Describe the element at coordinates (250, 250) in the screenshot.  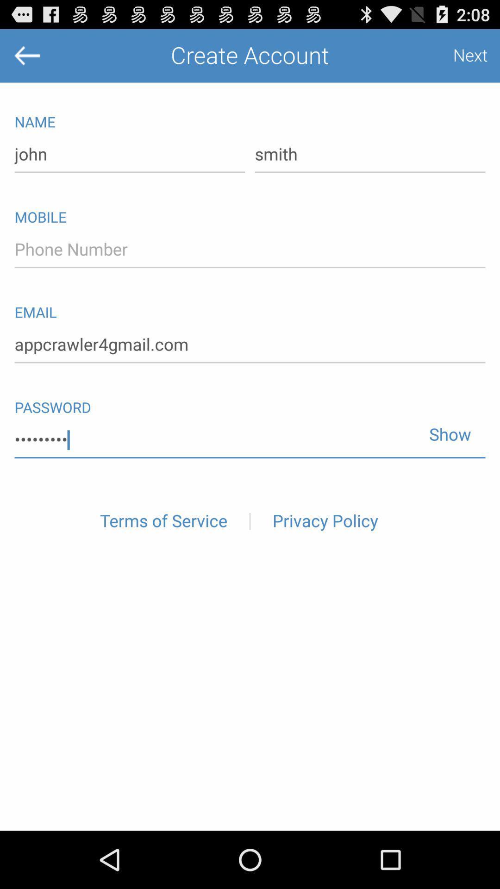
I see `text box fpr phone number` at that location.